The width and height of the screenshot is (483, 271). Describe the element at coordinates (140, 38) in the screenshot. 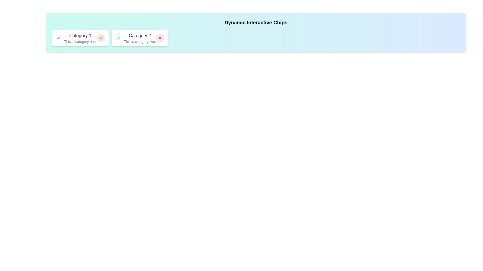

I see `the label and description of a chip identified by Category 2` at that location.